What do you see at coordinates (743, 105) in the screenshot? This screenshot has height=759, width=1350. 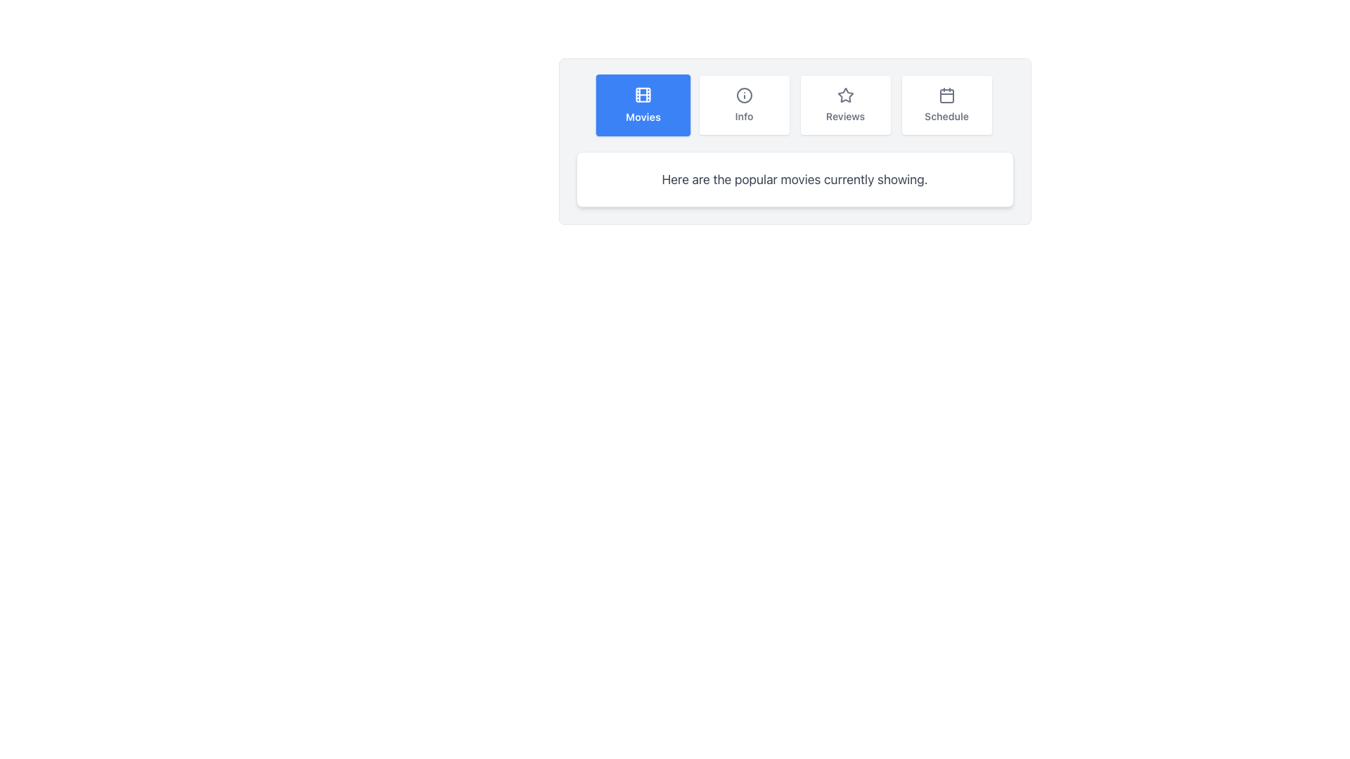 I see `the button that displays additional information regarding the current context, positioned to the right of the 'Movies' button and to the left of the 'Reviews' button` at bounding box center [743, 105].